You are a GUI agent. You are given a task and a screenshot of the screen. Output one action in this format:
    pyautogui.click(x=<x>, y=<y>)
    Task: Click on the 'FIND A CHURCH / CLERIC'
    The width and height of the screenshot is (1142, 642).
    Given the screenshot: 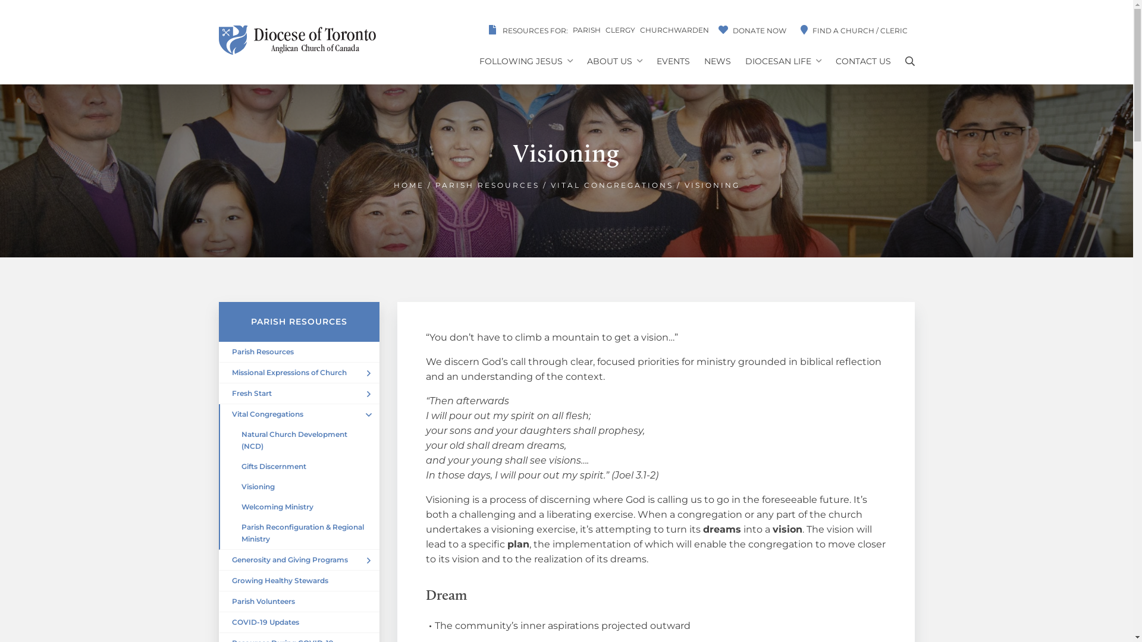 What is the action you would take?
    pyautogui.click(x=853, y=29)
    